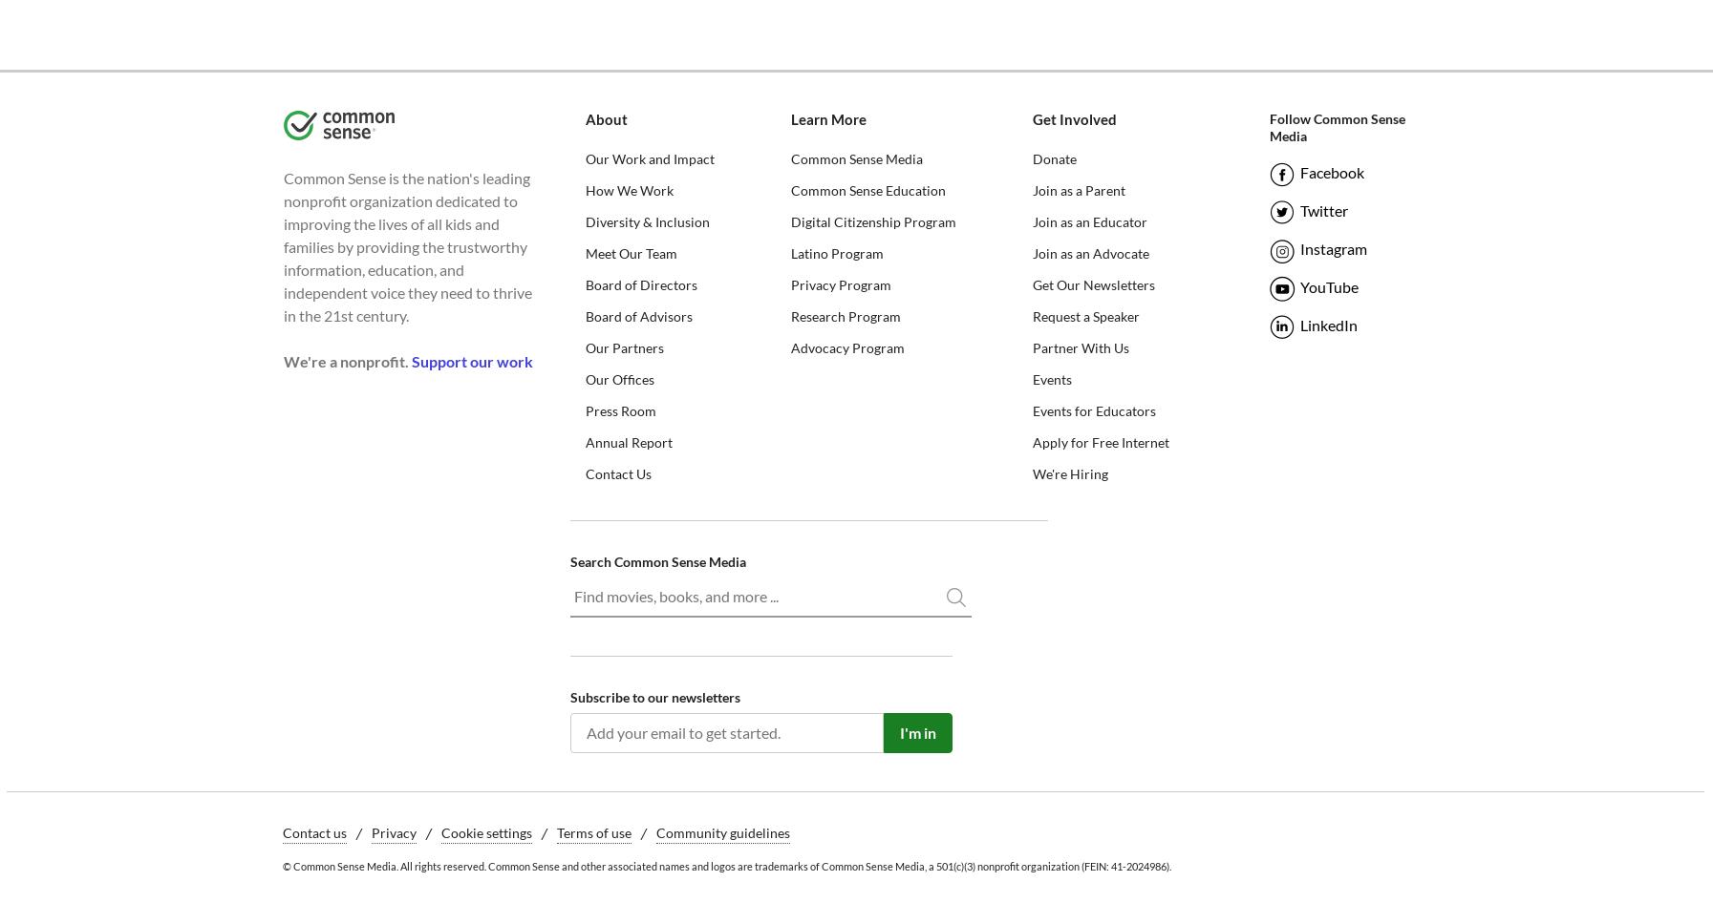 This screenshot has height=903, width=1713. Describe the element at coordinates (648, 158) in the screenshot. I see `'Our Work and Impact'` at that location.